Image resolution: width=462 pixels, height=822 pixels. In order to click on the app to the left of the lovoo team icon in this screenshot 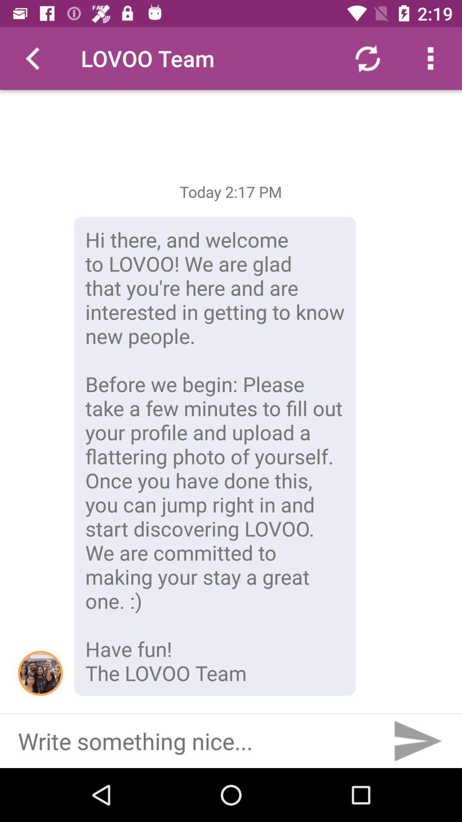, I will do `click(31, 58)`.